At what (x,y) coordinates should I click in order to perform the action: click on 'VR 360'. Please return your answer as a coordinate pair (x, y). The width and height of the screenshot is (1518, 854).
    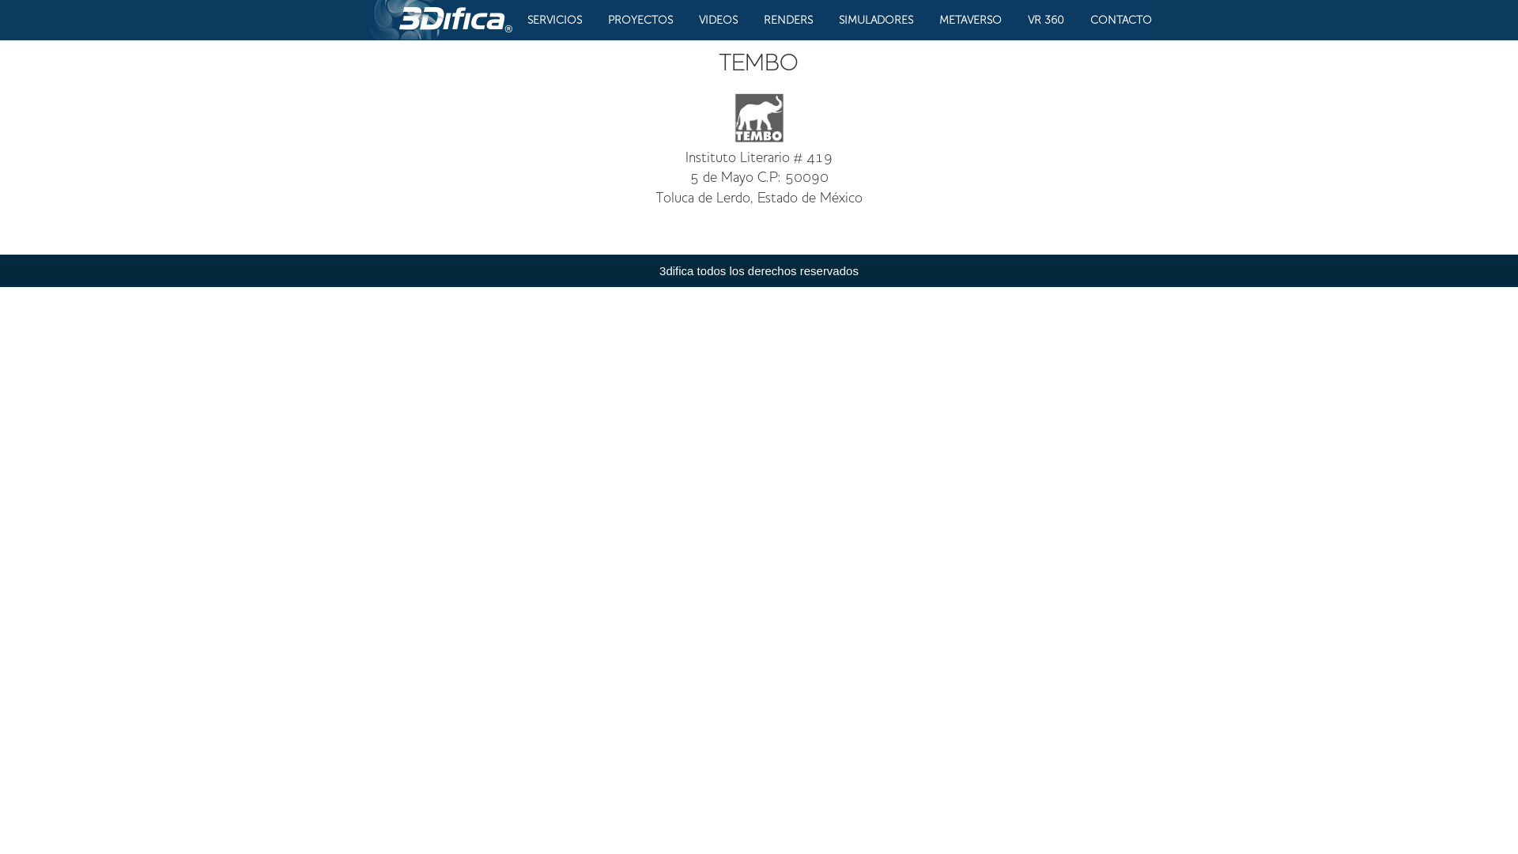
    Looking at the image, I should click on (1046, 21).